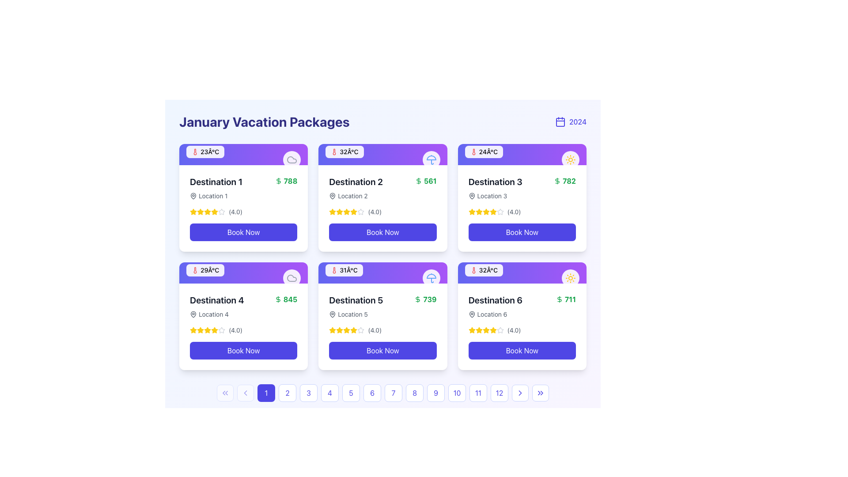 Image resolution: width=848 pixels, height=477 pixels. What do you see at coordinates (214, 330) in the screenshot?
I see `the fifth star icon in the rating area for 'Destination 4', which serves as a visual indicator for the rating` at bounding box center [214, 330].